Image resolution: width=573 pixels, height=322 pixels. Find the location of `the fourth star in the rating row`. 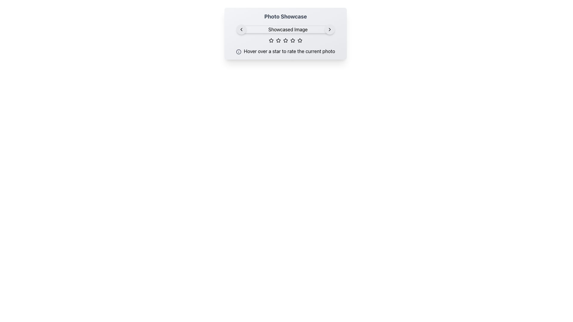

the fourth star in the rating row is located at coordinates (292, 40).